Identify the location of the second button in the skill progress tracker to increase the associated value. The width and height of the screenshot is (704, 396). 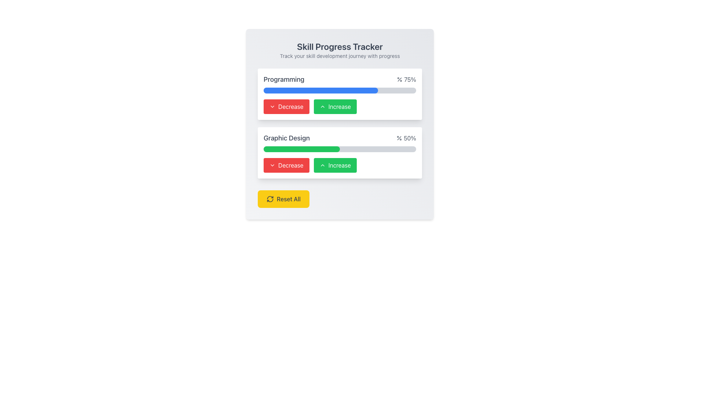
(335, 106).